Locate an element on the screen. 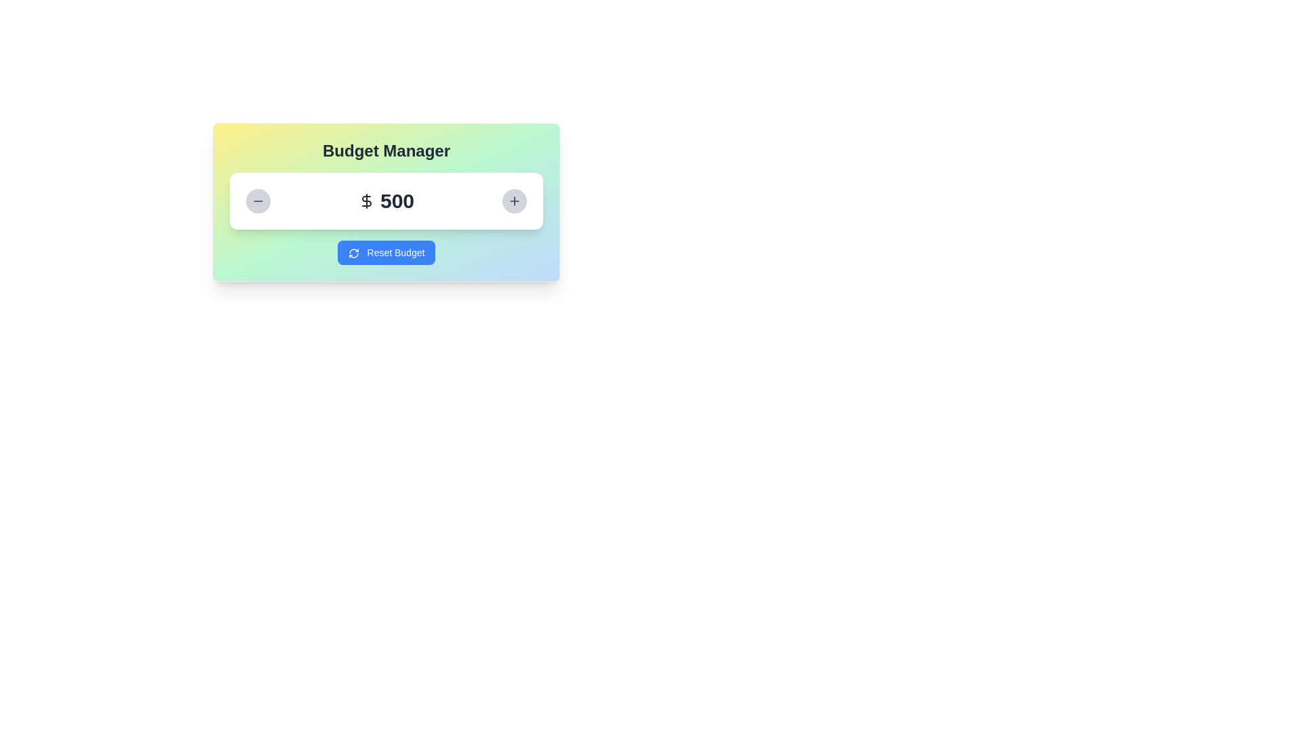 This screenshot has height=732, width=1302. the Text Display with Icon that shows the current budget amount, located between the minus button and plus button in the budget management tool interface is located at coordinates (386, 201).